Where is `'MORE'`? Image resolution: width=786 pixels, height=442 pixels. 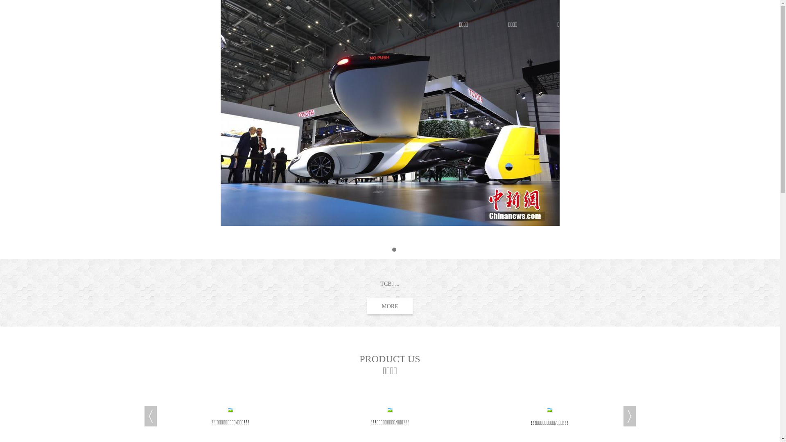 'MORE' is located at coordinates (367, 306).